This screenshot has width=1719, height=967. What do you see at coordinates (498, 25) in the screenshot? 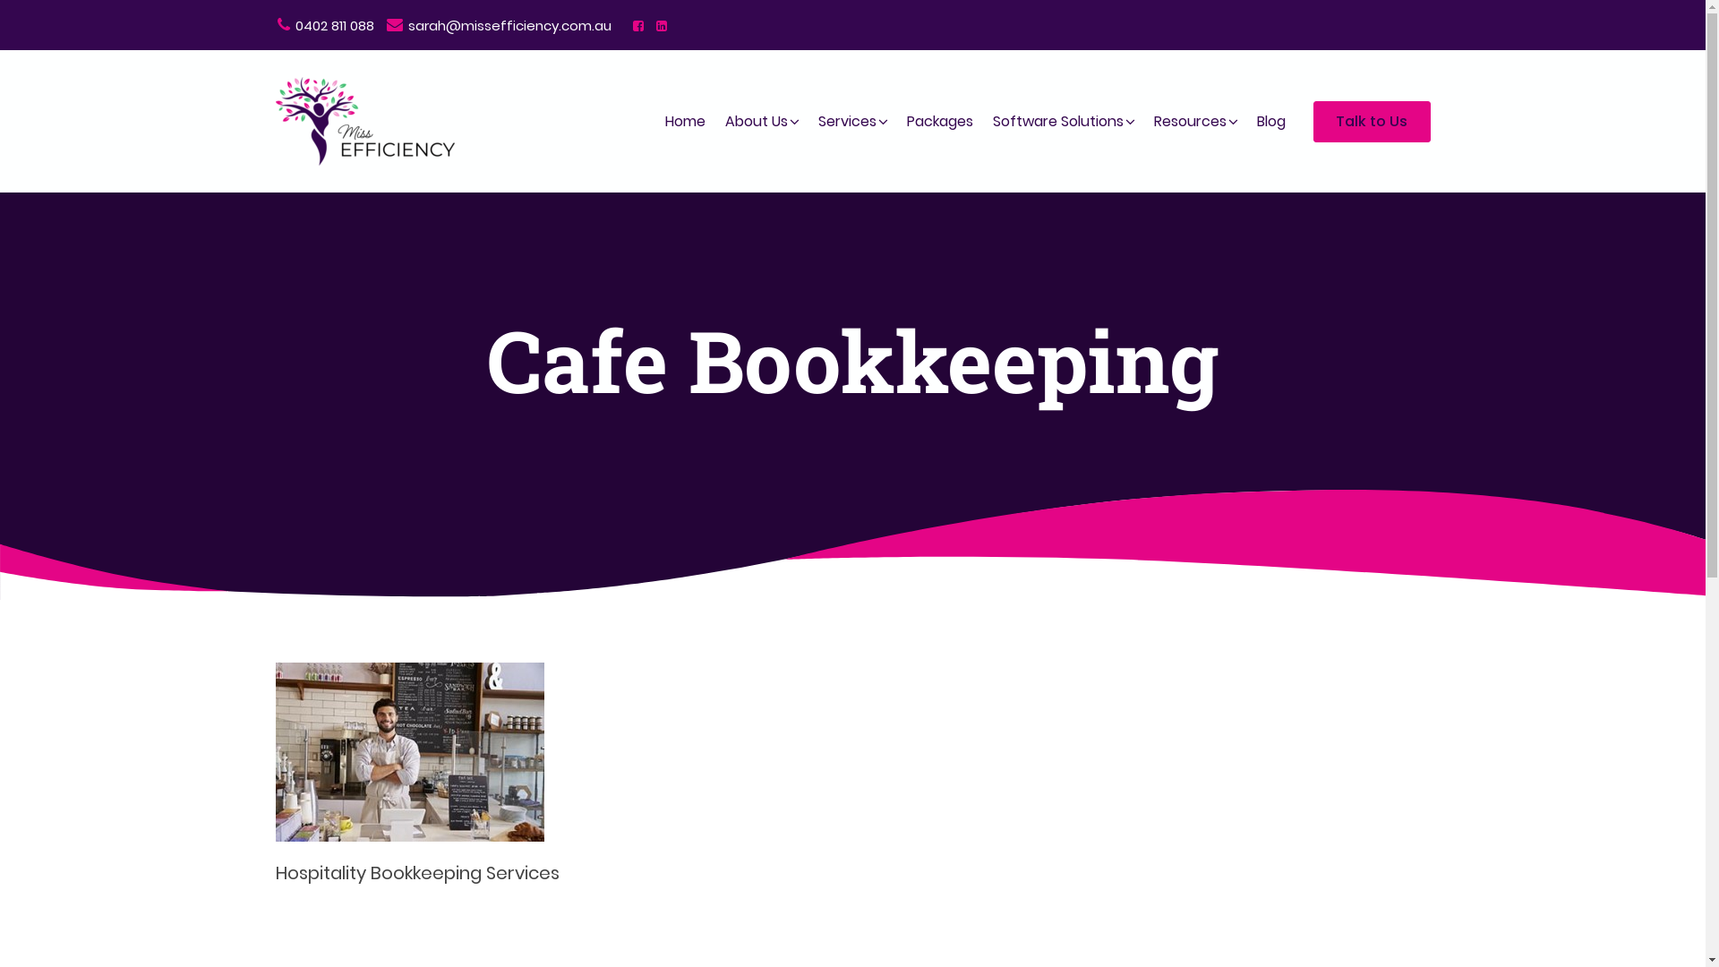
I see `'sarah@missefficiency.com.au'` at bounding box center [498, 25].